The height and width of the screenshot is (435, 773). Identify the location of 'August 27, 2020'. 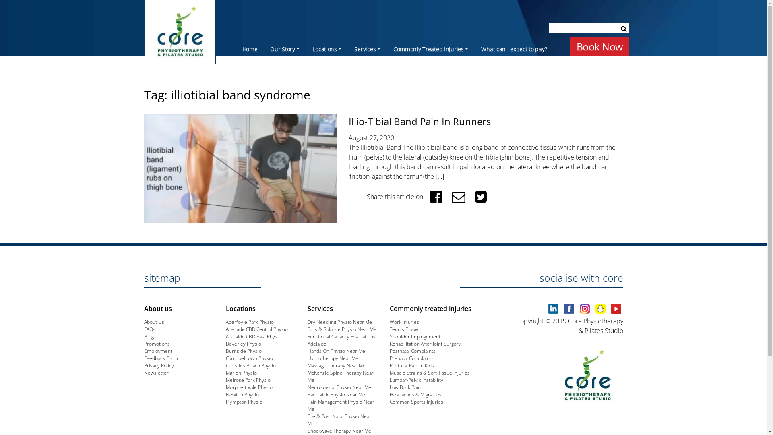
(371, 137).